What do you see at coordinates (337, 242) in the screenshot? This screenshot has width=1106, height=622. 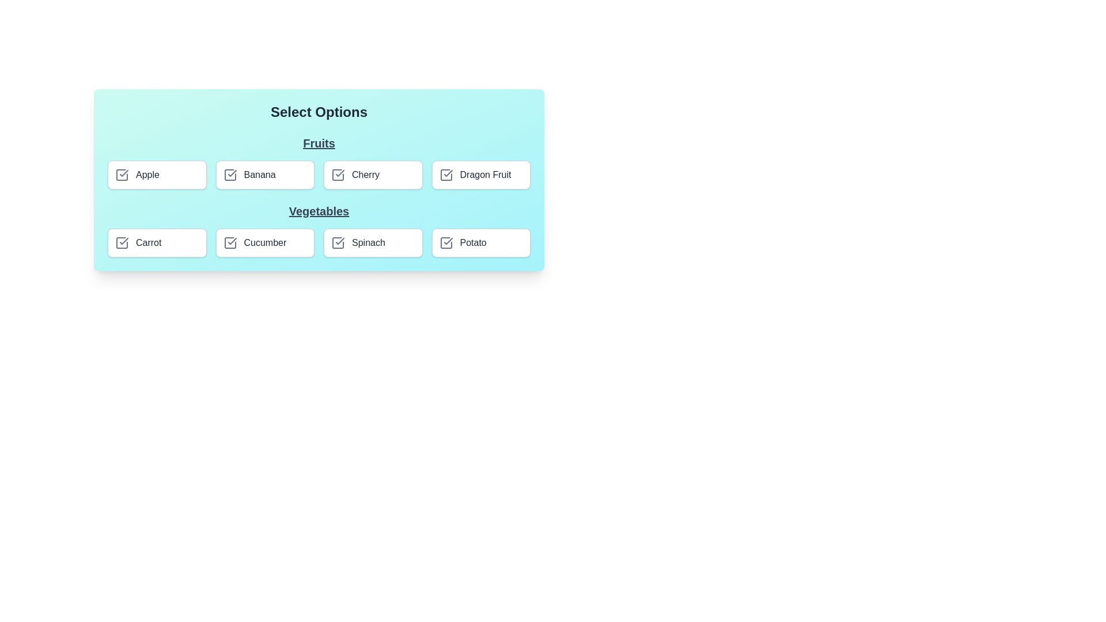 I see `the visual indicator icon for the 'Spinach' item located in the 'Vegetables' section of the interface` at bounding box center [337, 242].